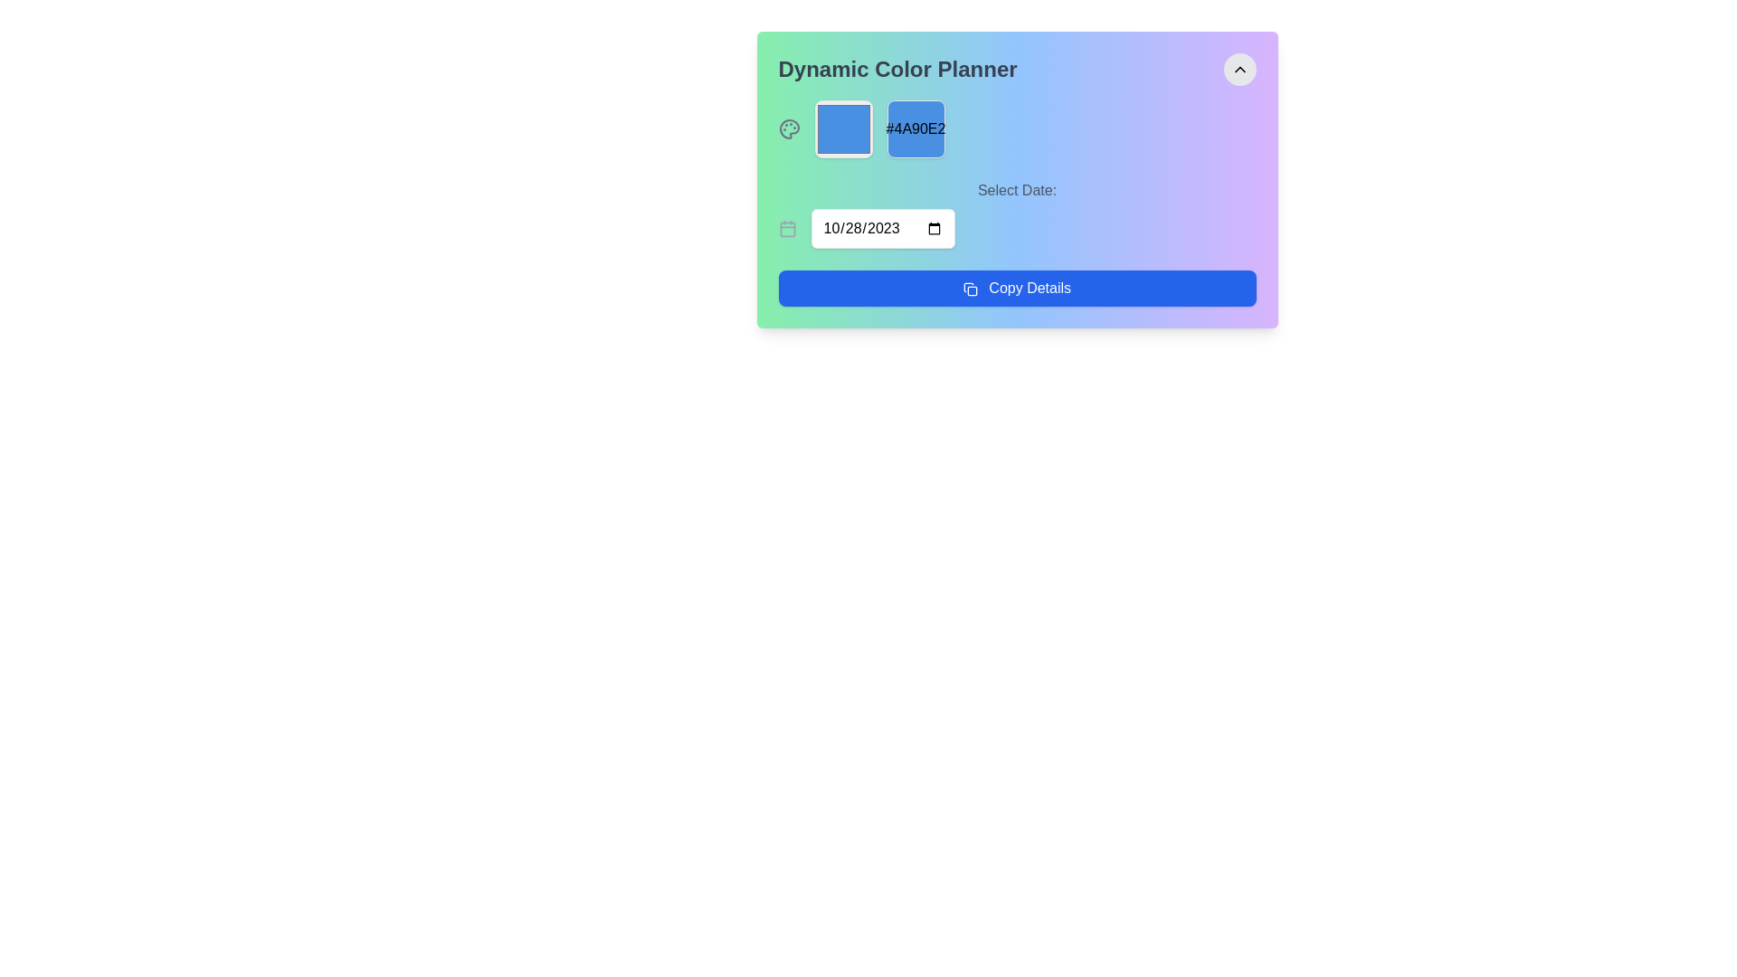 The image size is (1737, 977). What do you see at coordinates (1017, 191) in the screenshot?
I see `the text label that reads 'Select Date:' which is styled in medium gray color and positioned above the date picker input field` at bounding box center [1017, 191].